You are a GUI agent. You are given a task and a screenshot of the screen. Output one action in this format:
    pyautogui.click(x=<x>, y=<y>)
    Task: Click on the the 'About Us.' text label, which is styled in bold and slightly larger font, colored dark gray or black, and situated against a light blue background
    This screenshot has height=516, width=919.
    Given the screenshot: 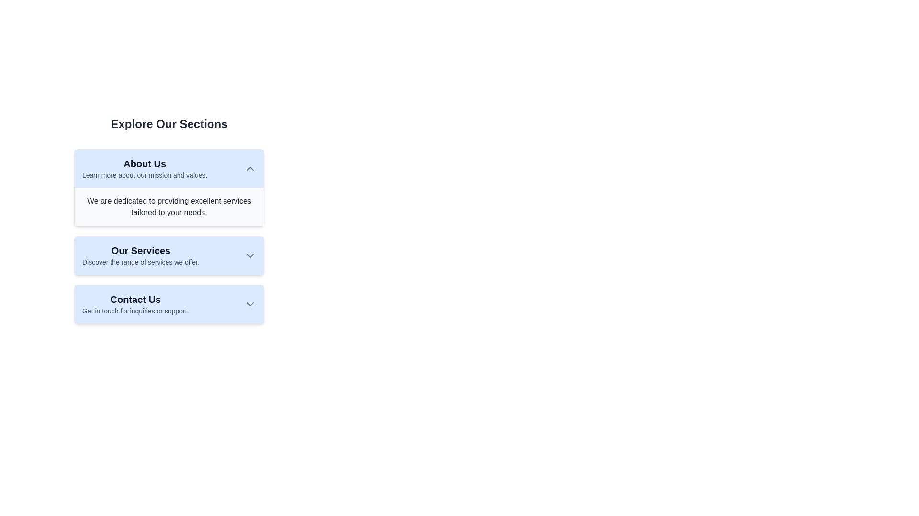 What is the action you would take?
    pyautogui.click(x=144, y=163)
    